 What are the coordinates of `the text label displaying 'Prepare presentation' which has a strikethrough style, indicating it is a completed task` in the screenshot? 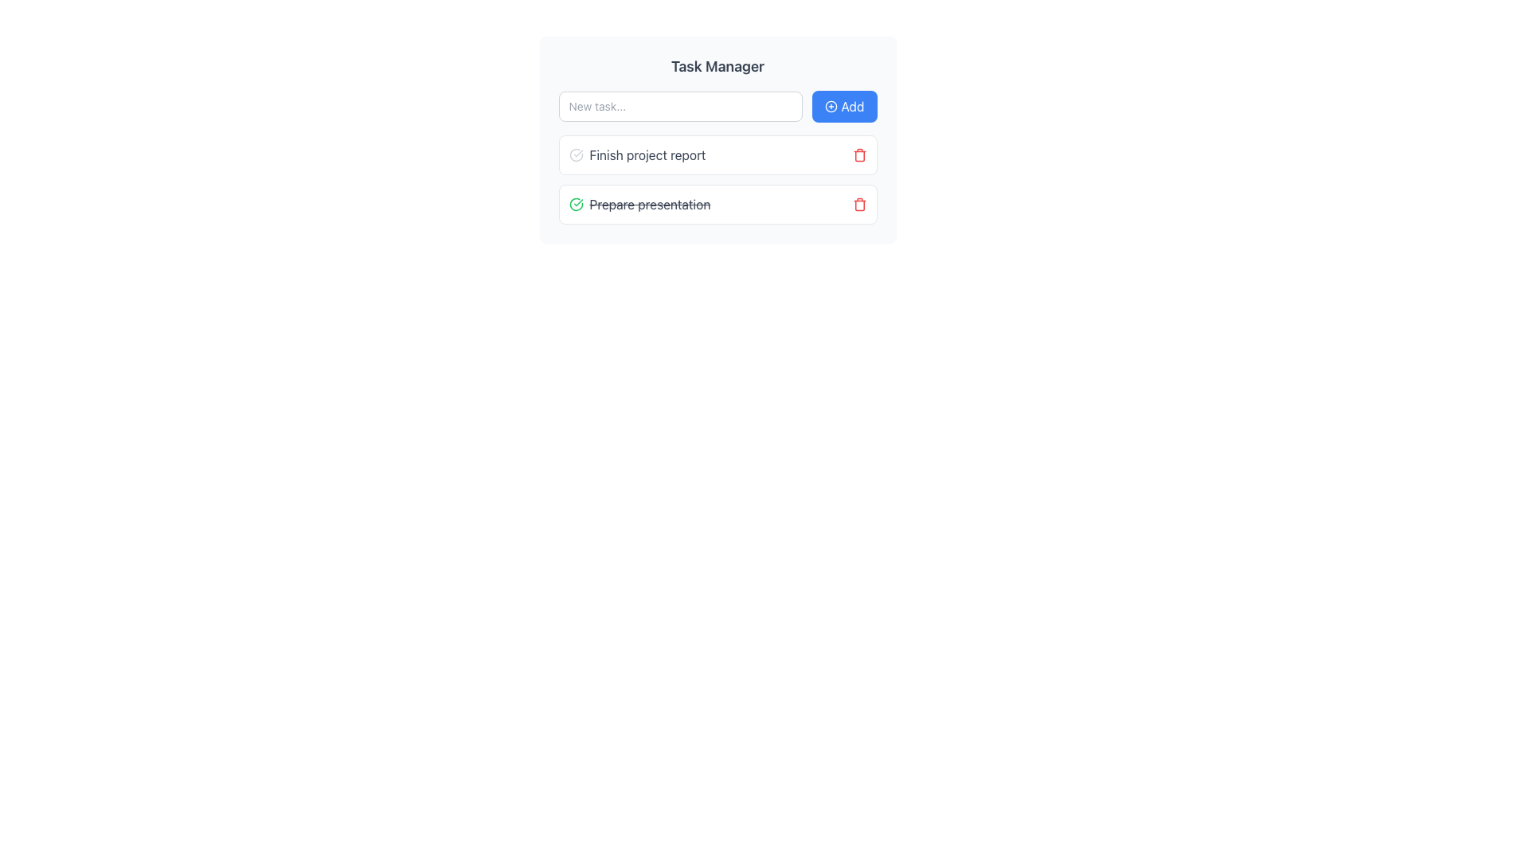 It's located at (650, 204).